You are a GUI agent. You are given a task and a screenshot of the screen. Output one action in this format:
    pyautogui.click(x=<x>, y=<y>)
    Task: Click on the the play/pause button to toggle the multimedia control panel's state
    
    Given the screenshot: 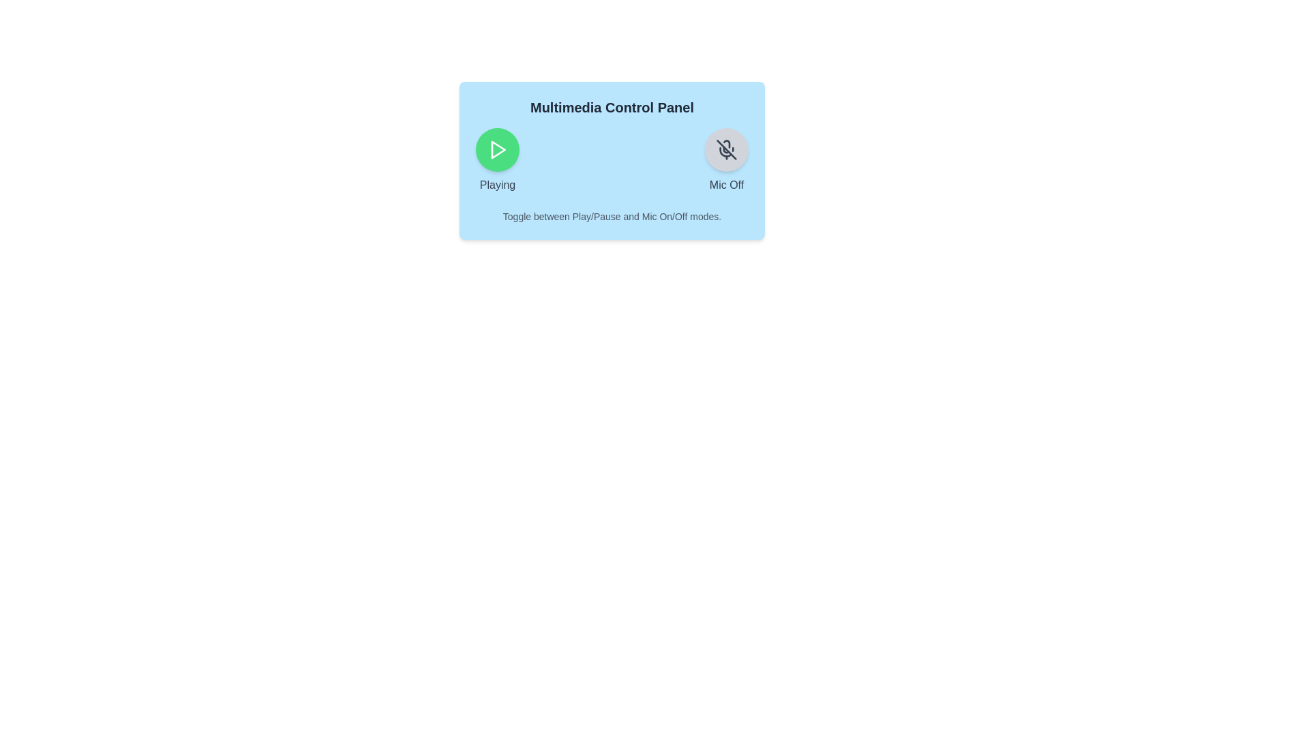 What is the action you would take?
    pyautogui.click(x=496, y=149)
    